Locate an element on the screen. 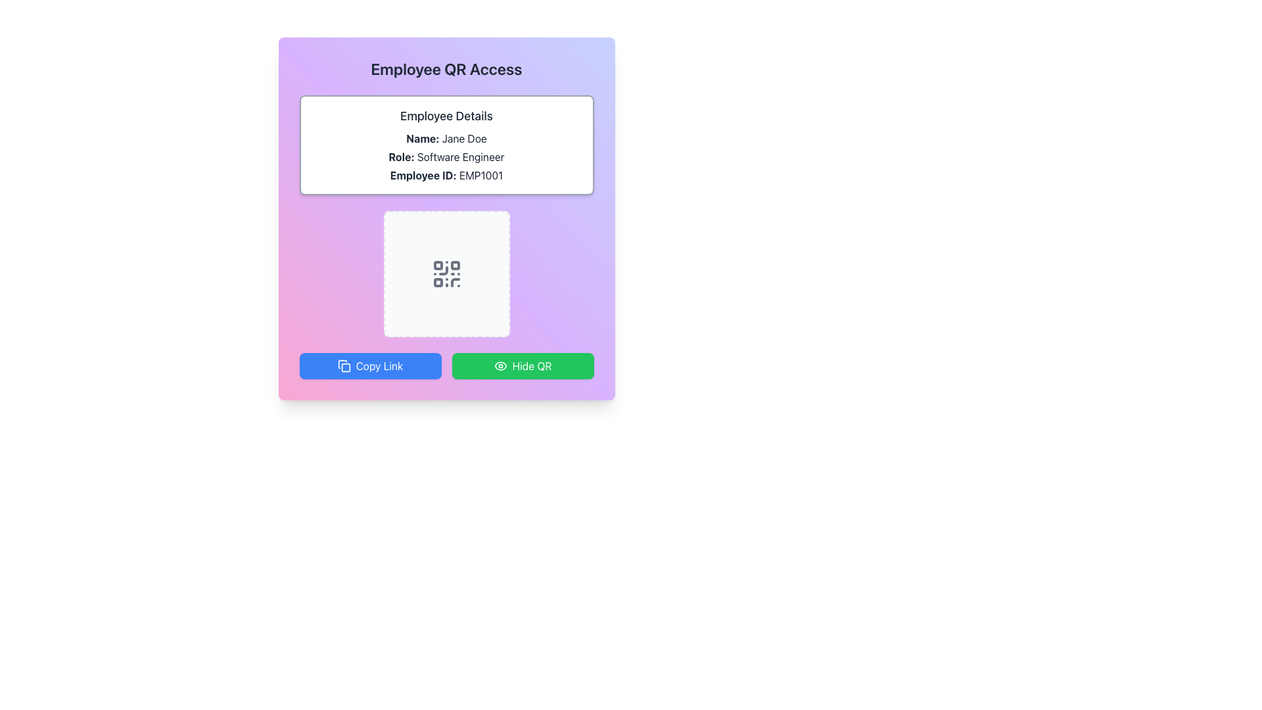 The width and height of the screenshot is (1262, 710). the label that provides context for the Employee ID, located beneath the 'Role:' field in the 'Employee Details' panel is located at coordinates (423, 174).